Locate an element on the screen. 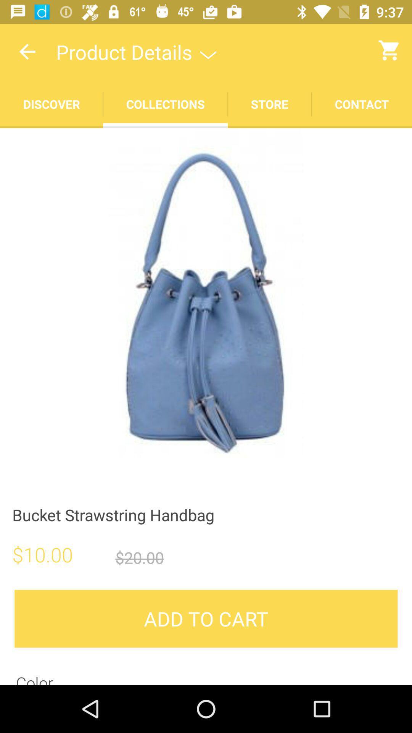  the down arrow to view product details is located at coordinates (208, 51).